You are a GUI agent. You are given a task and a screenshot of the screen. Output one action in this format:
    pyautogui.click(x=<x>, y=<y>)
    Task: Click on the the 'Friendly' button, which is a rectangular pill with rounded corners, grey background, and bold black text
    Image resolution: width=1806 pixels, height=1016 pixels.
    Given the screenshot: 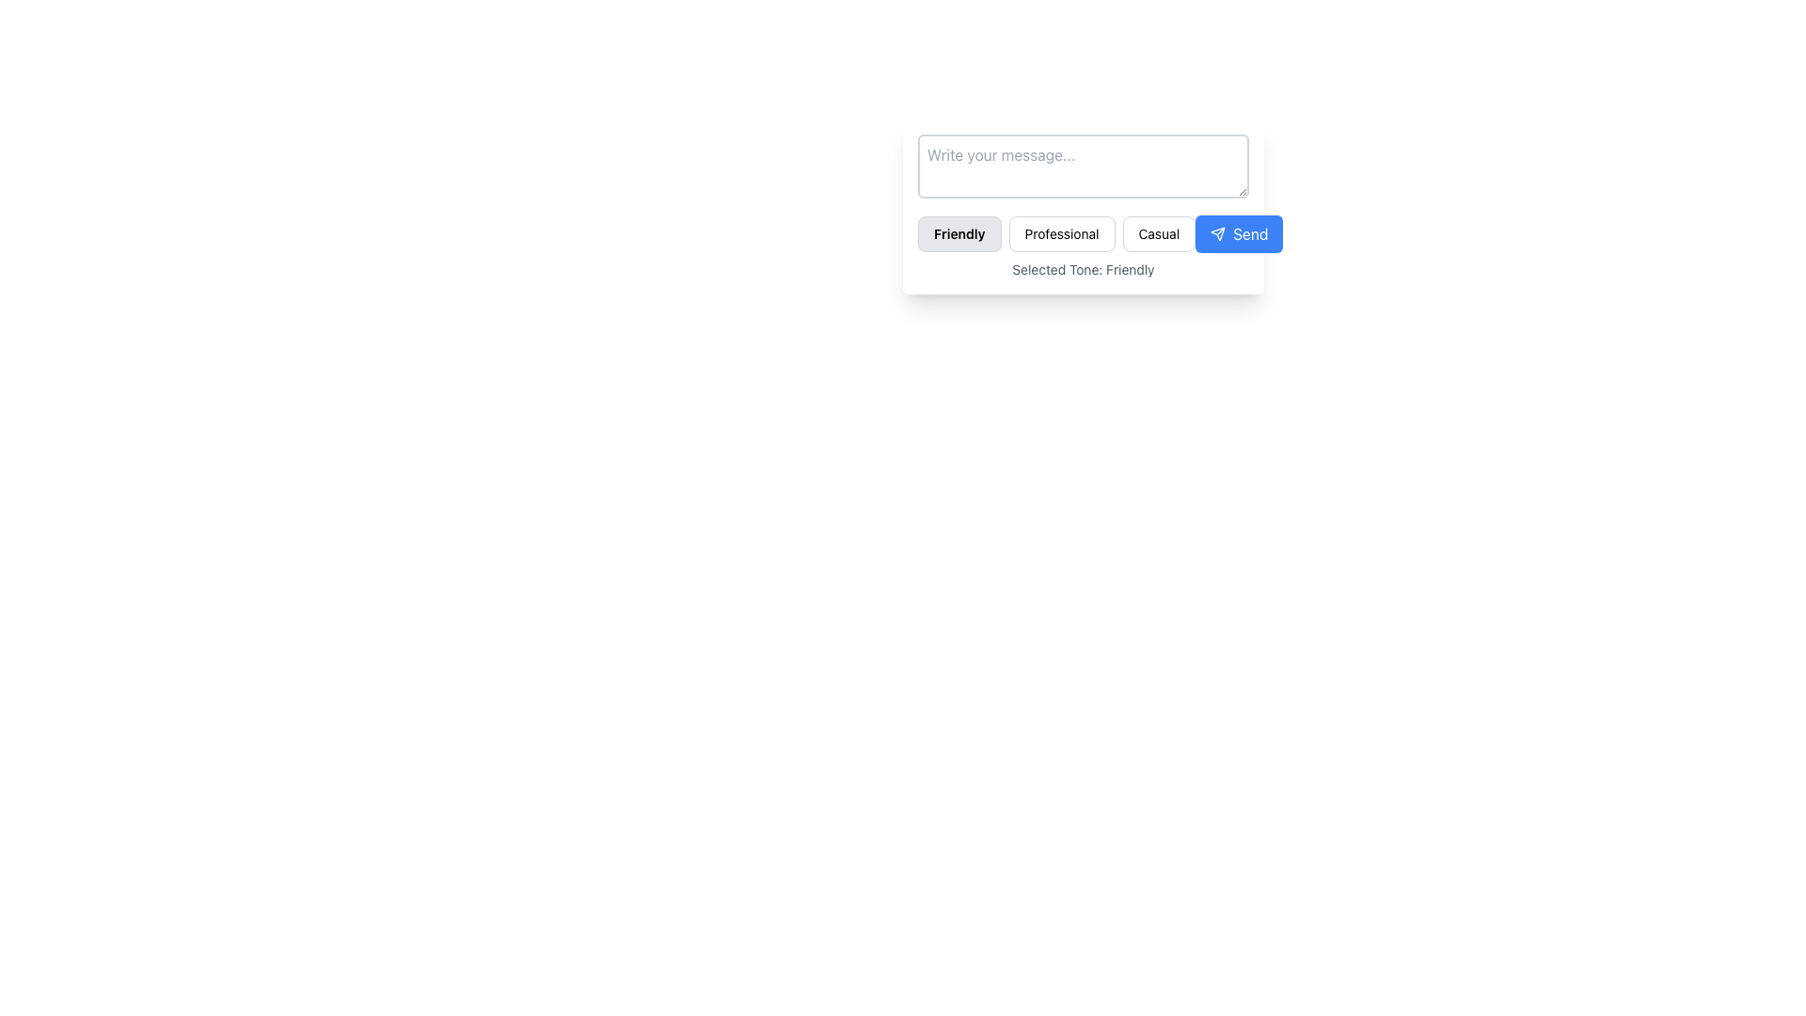 What is the action you would take?
    pyautogui.click(x=959, y=233)
    